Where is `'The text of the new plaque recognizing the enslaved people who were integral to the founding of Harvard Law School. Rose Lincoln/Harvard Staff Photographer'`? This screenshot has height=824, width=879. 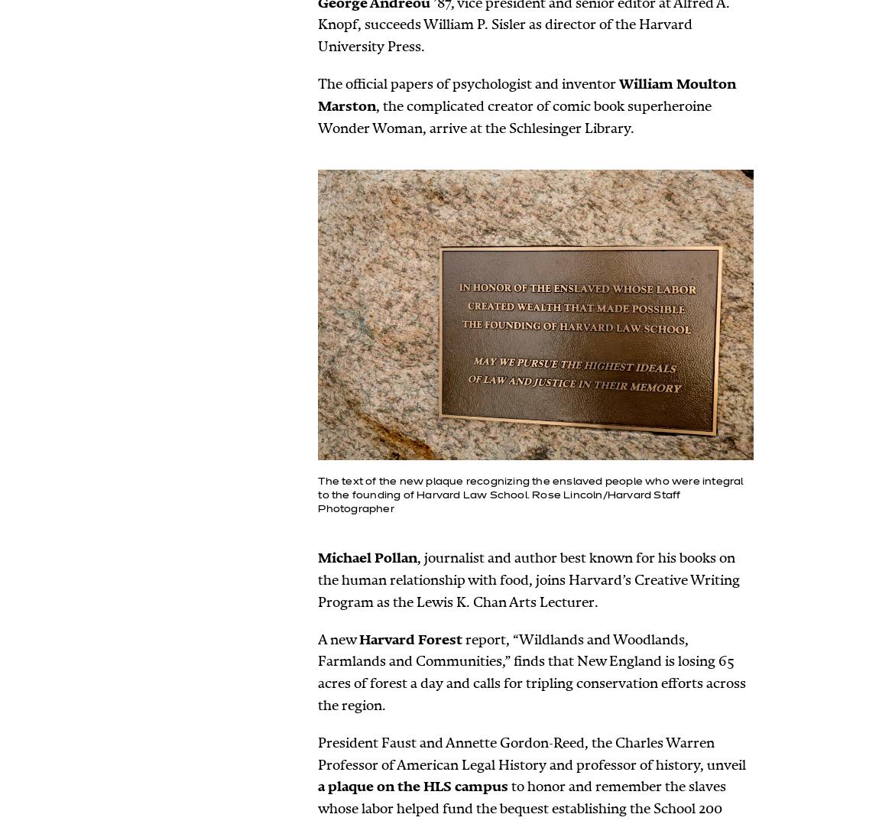
'The text of the new plaque recognizing the enslaved people who were integral to the founding of Harvard Law School. Rose Lincoln/Harvard Staff Photographer' is located at coordinates (530, 495).